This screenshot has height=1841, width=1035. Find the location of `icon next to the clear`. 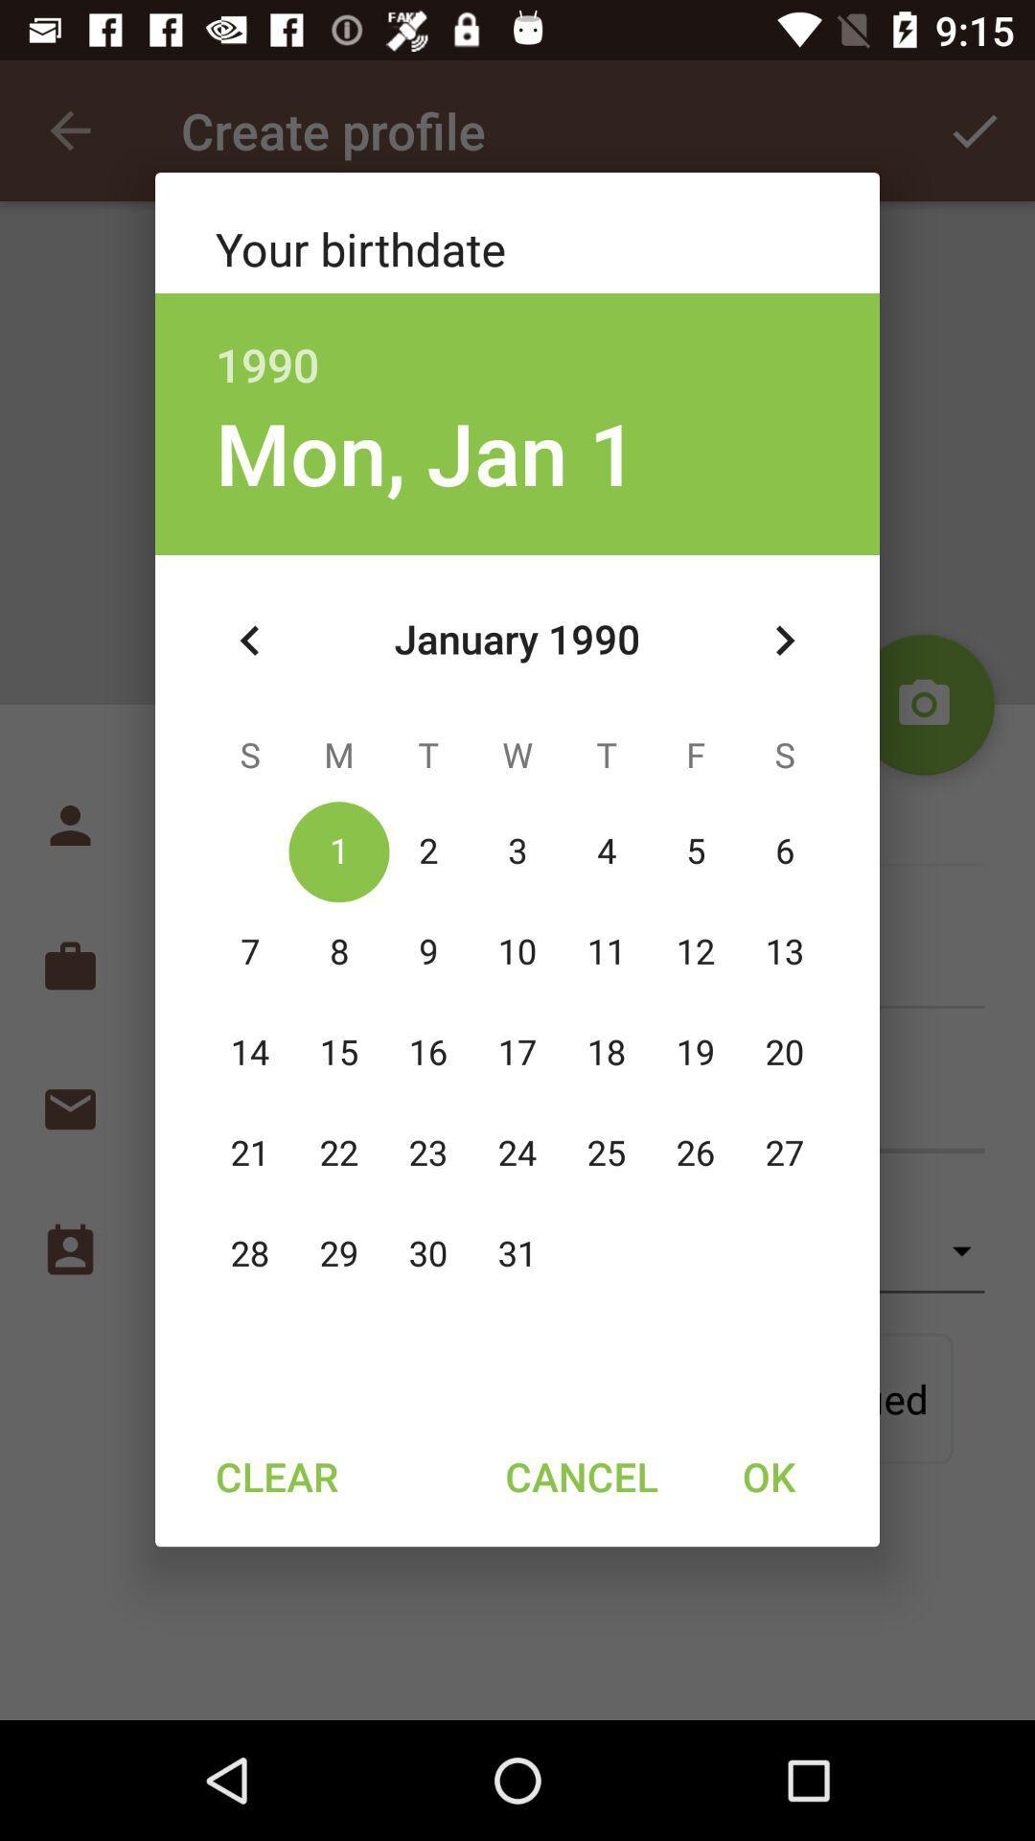

icon next to the clear is located at coordinates (581, 1475).